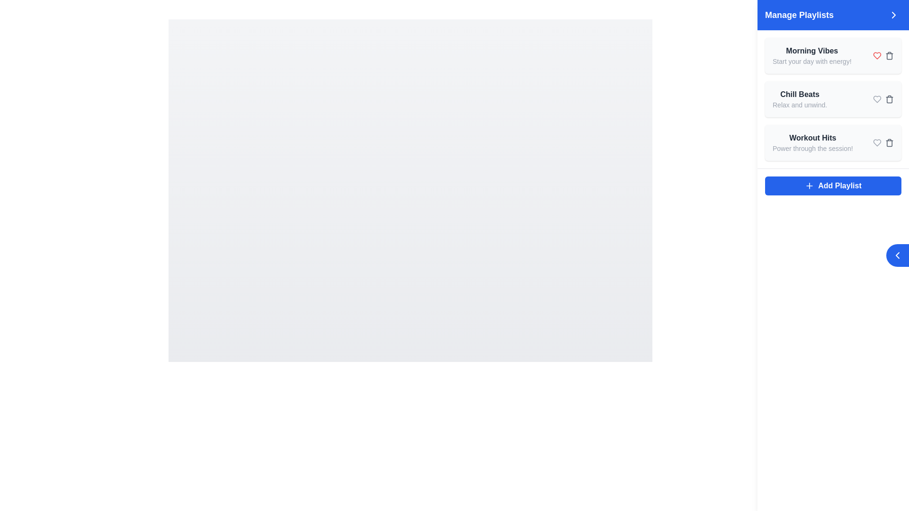 Image resolution: width=909 pixels, height=511 pixels. What do you see at coordinates (876, 99) in the screenshot?
I see `the heart-shaped icon to mark the playlist as a favorite, located at the top-right corner of each playlist item` at bounding box center [876, 99].